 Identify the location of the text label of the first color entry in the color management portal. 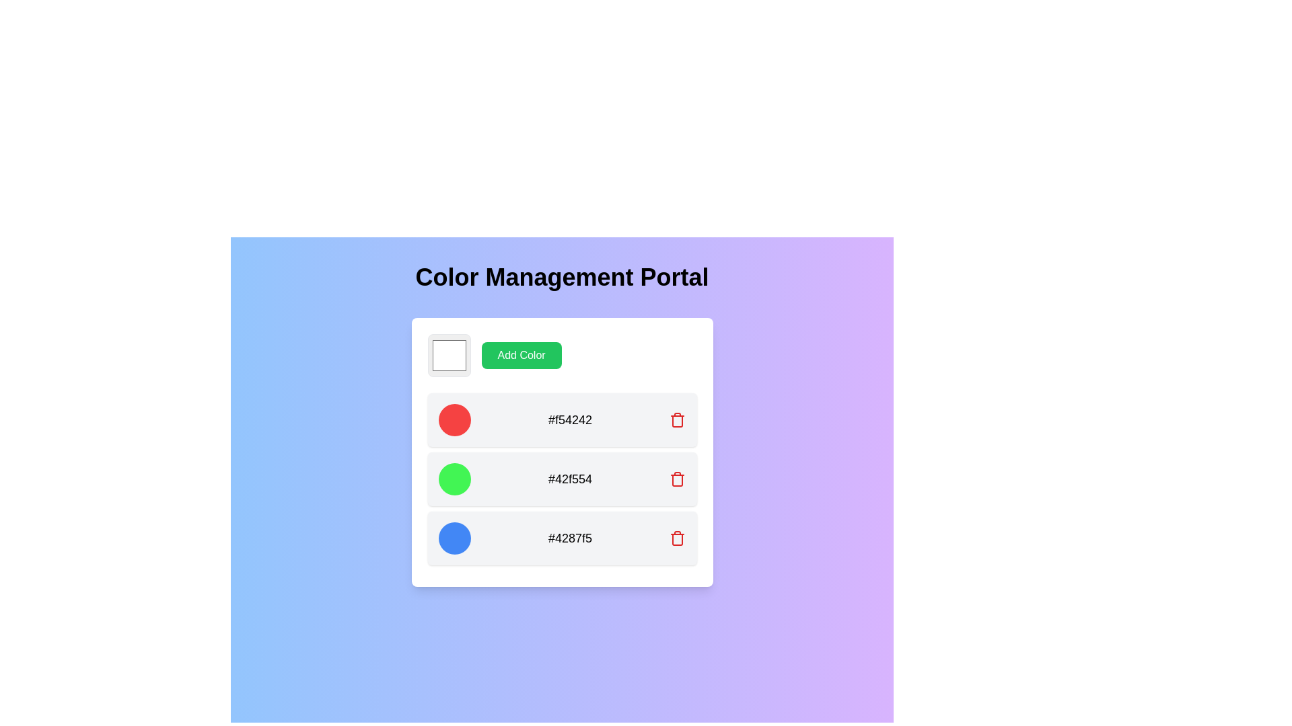
(562, 419).